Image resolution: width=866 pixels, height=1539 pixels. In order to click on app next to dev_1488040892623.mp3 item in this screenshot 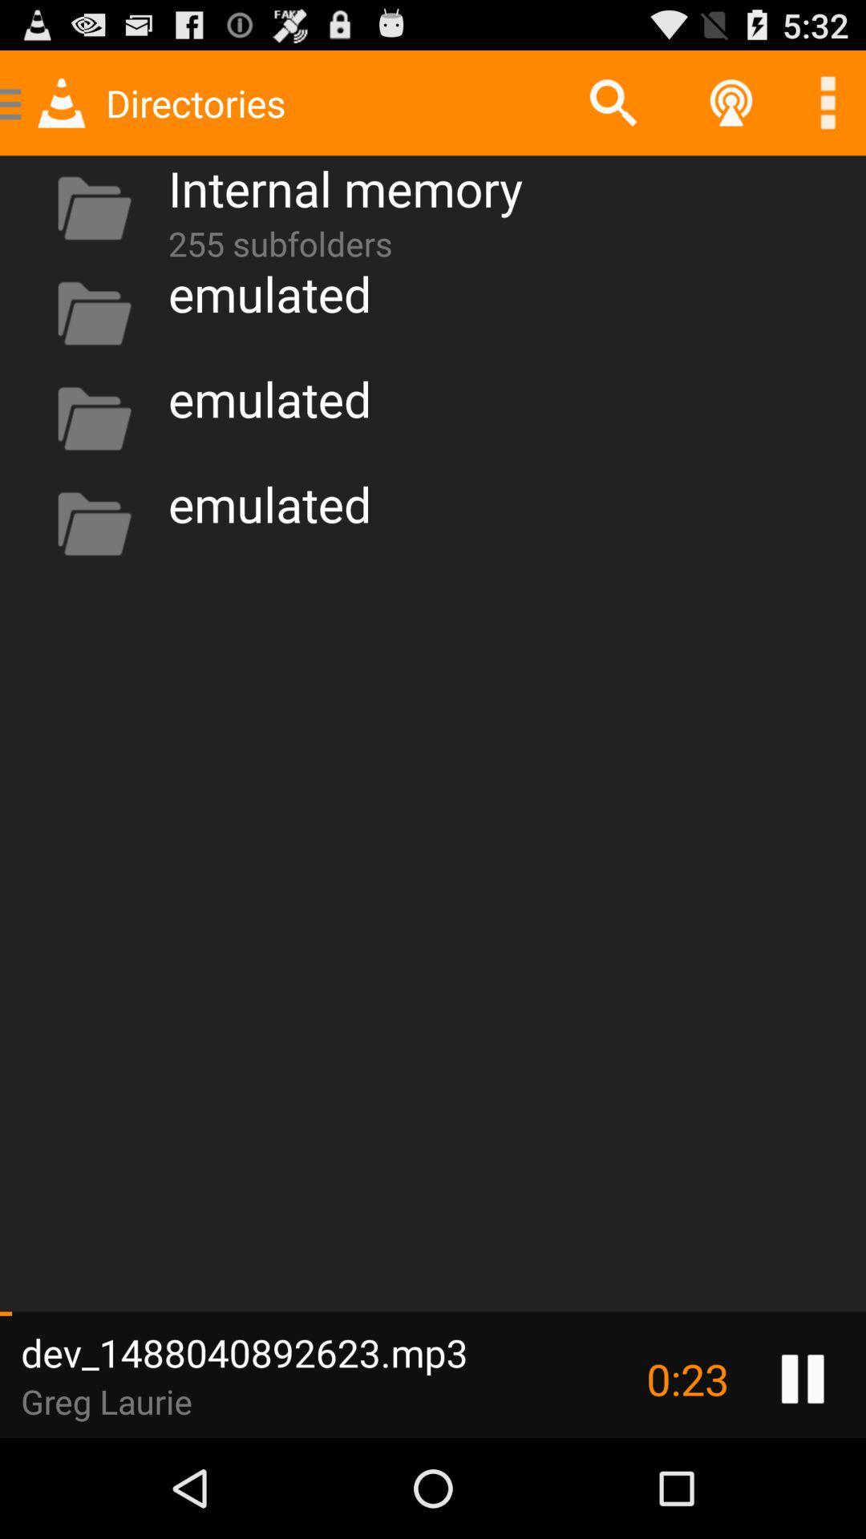, I will do `click(686, 1378)`.